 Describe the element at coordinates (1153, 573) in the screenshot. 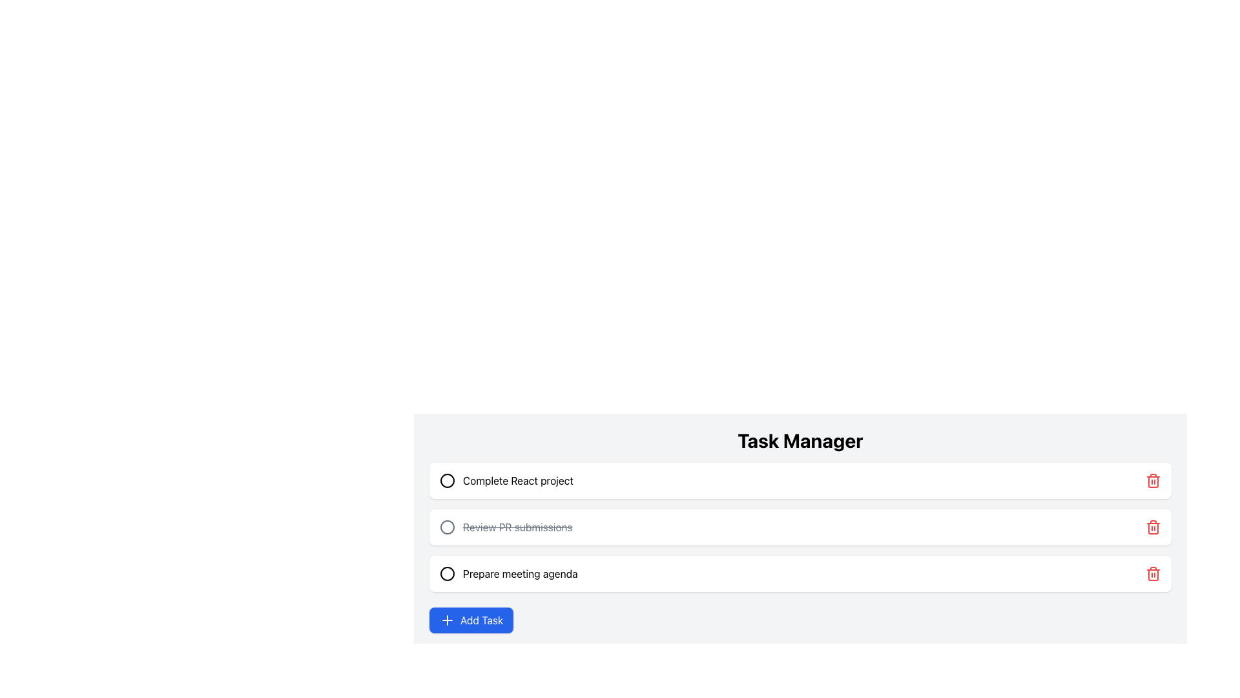

I see `the delete button for the 'Prepare meeting agenda' task` at that location.